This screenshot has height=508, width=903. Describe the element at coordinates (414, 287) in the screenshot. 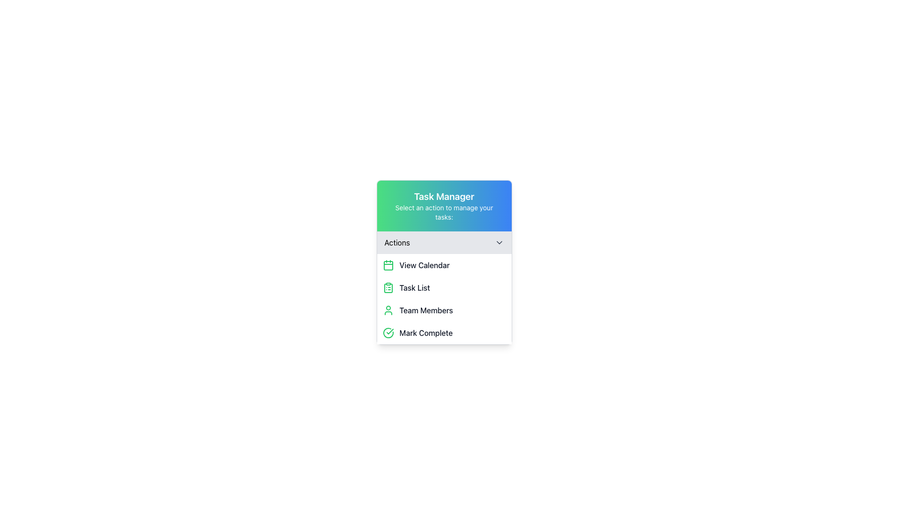

I see `the 'Task List' text label in the pop-up action menu, which is the second item in a vertical list of four menu options and has a green clipboard icon next to it` at that location.